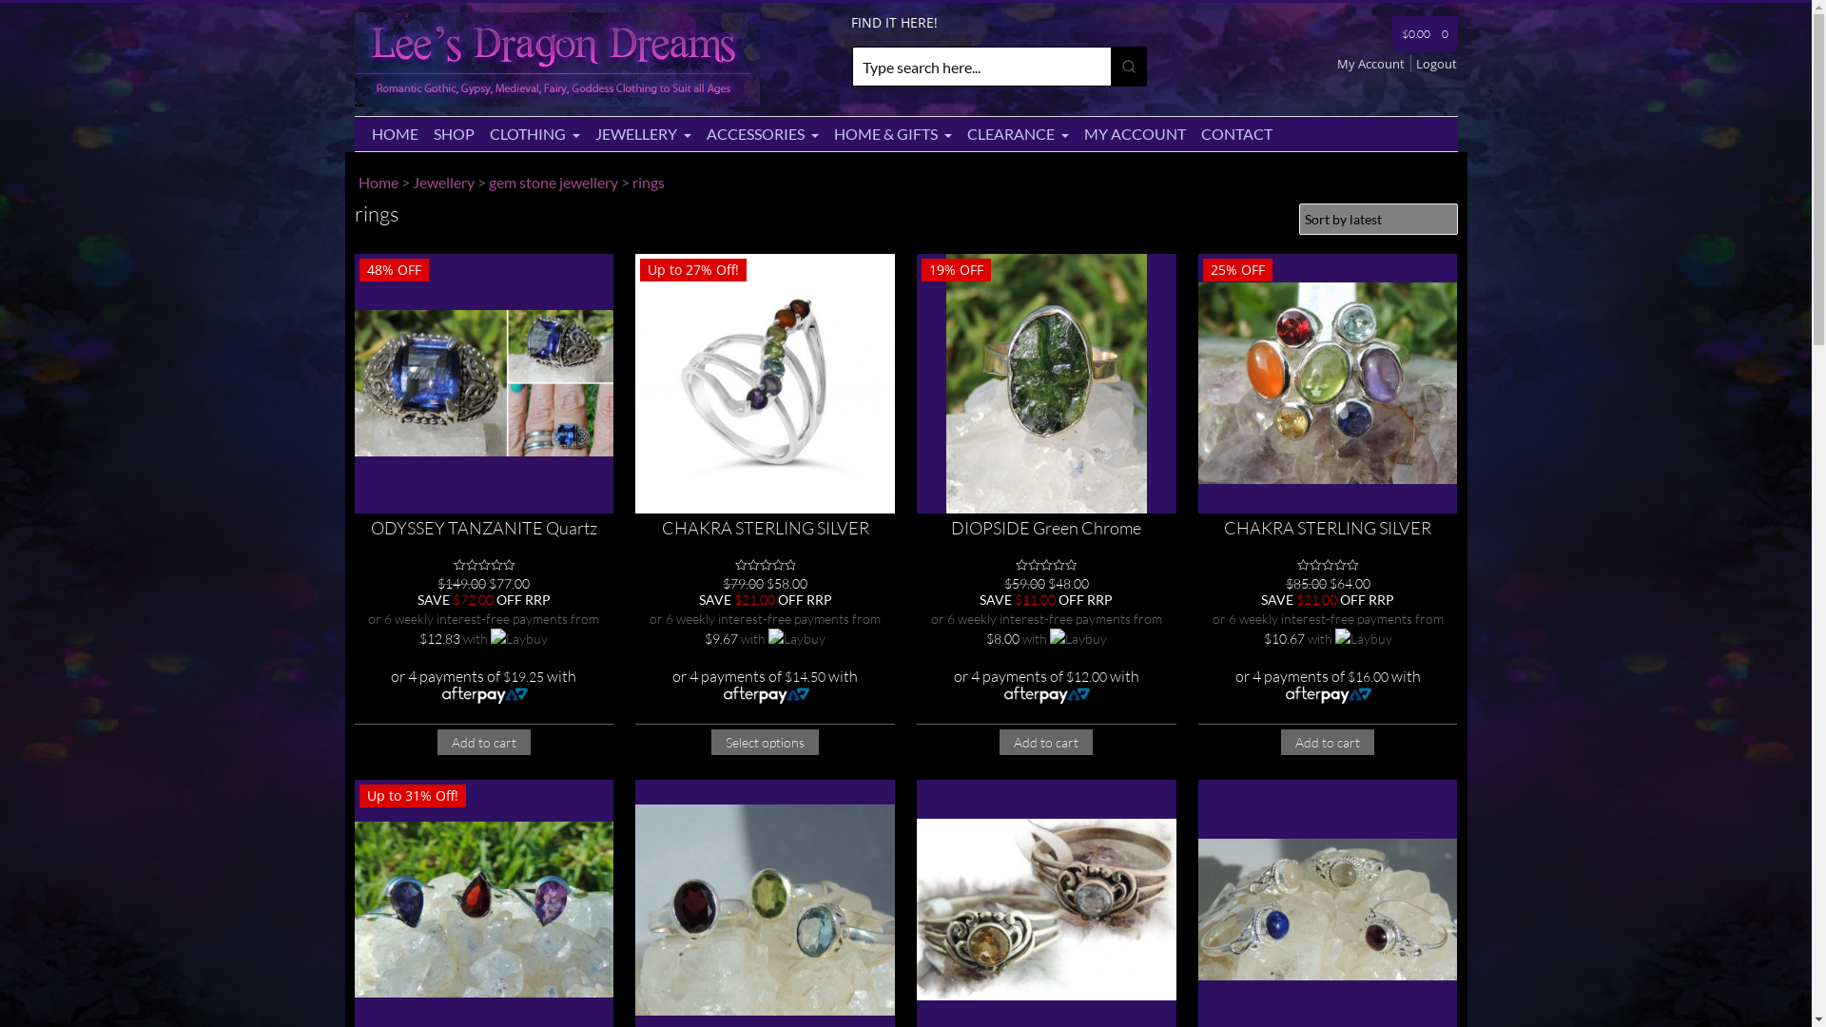  What do you see at coordinates (424, 133) in the screenshot?
I see `'SHOP'` at bounding box center [424, 133].